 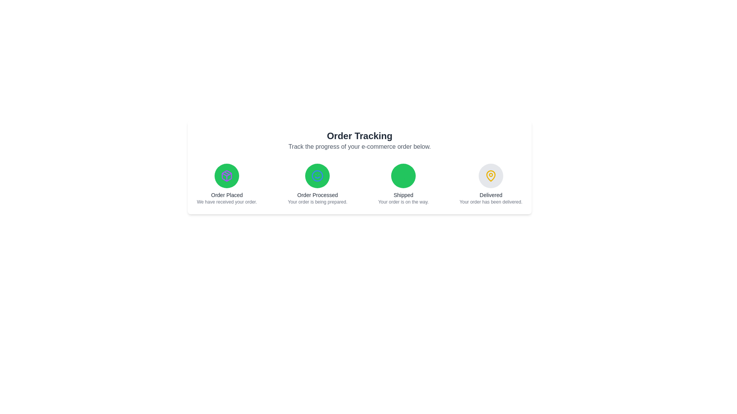 I want to click on the 'Delivered' status icon button located at the top center of the order tracking card, which is the fourth element in a horizontal group, so click(x=491, y=176).